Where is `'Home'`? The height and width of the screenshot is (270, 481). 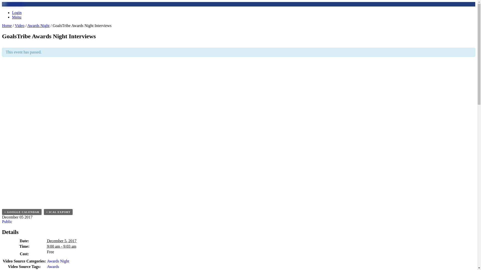 'Home' is located at coordinates (7, 25).